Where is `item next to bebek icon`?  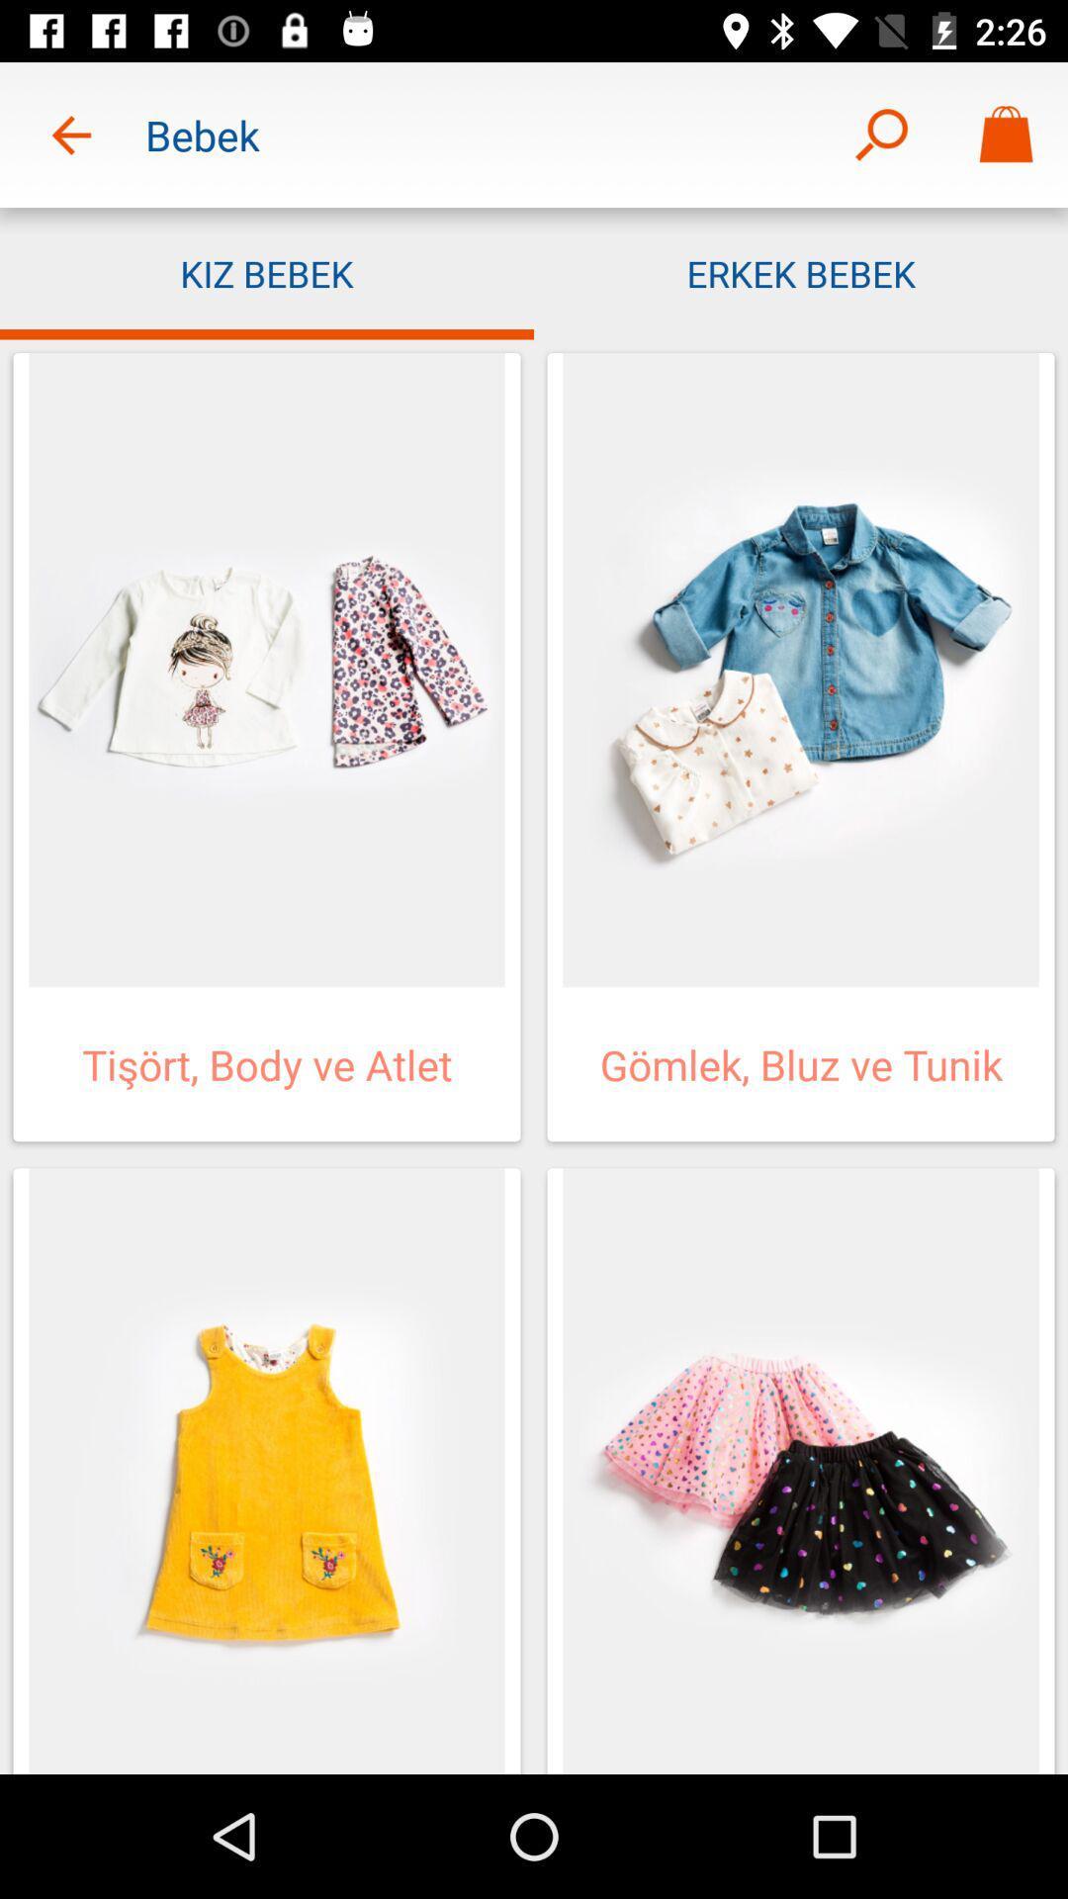
item next to bebek icon is located at coordinates (71, 134).